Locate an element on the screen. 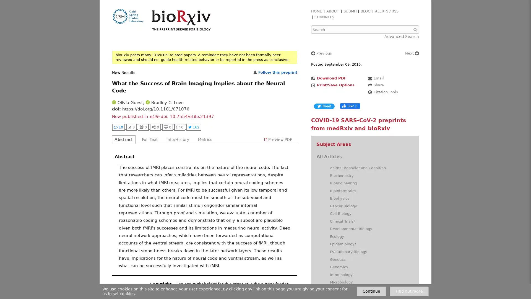 The width and height of the screenshot is (531, 299). Find out more is located at coordinates (409, 291).